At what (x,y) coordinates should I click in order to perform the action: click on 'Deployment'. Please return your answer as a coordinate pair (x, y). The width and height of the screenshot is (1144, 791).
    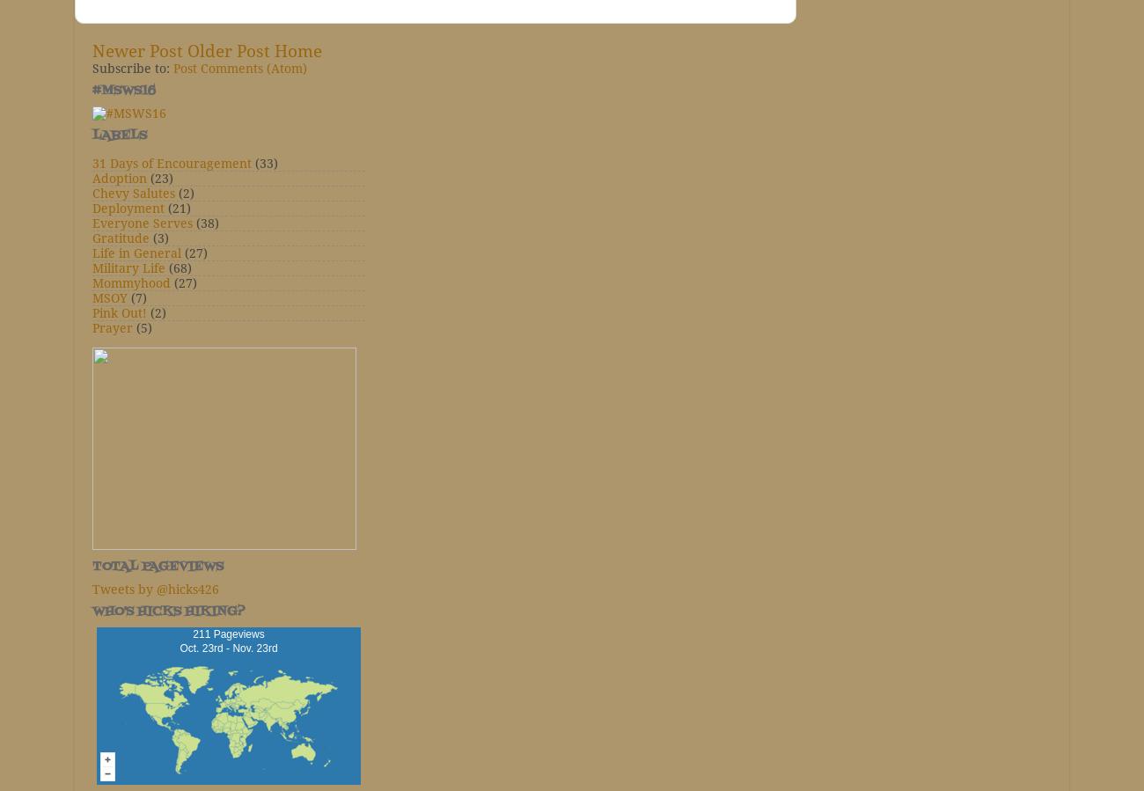
    Looking at the image, I should click on (127, 208).